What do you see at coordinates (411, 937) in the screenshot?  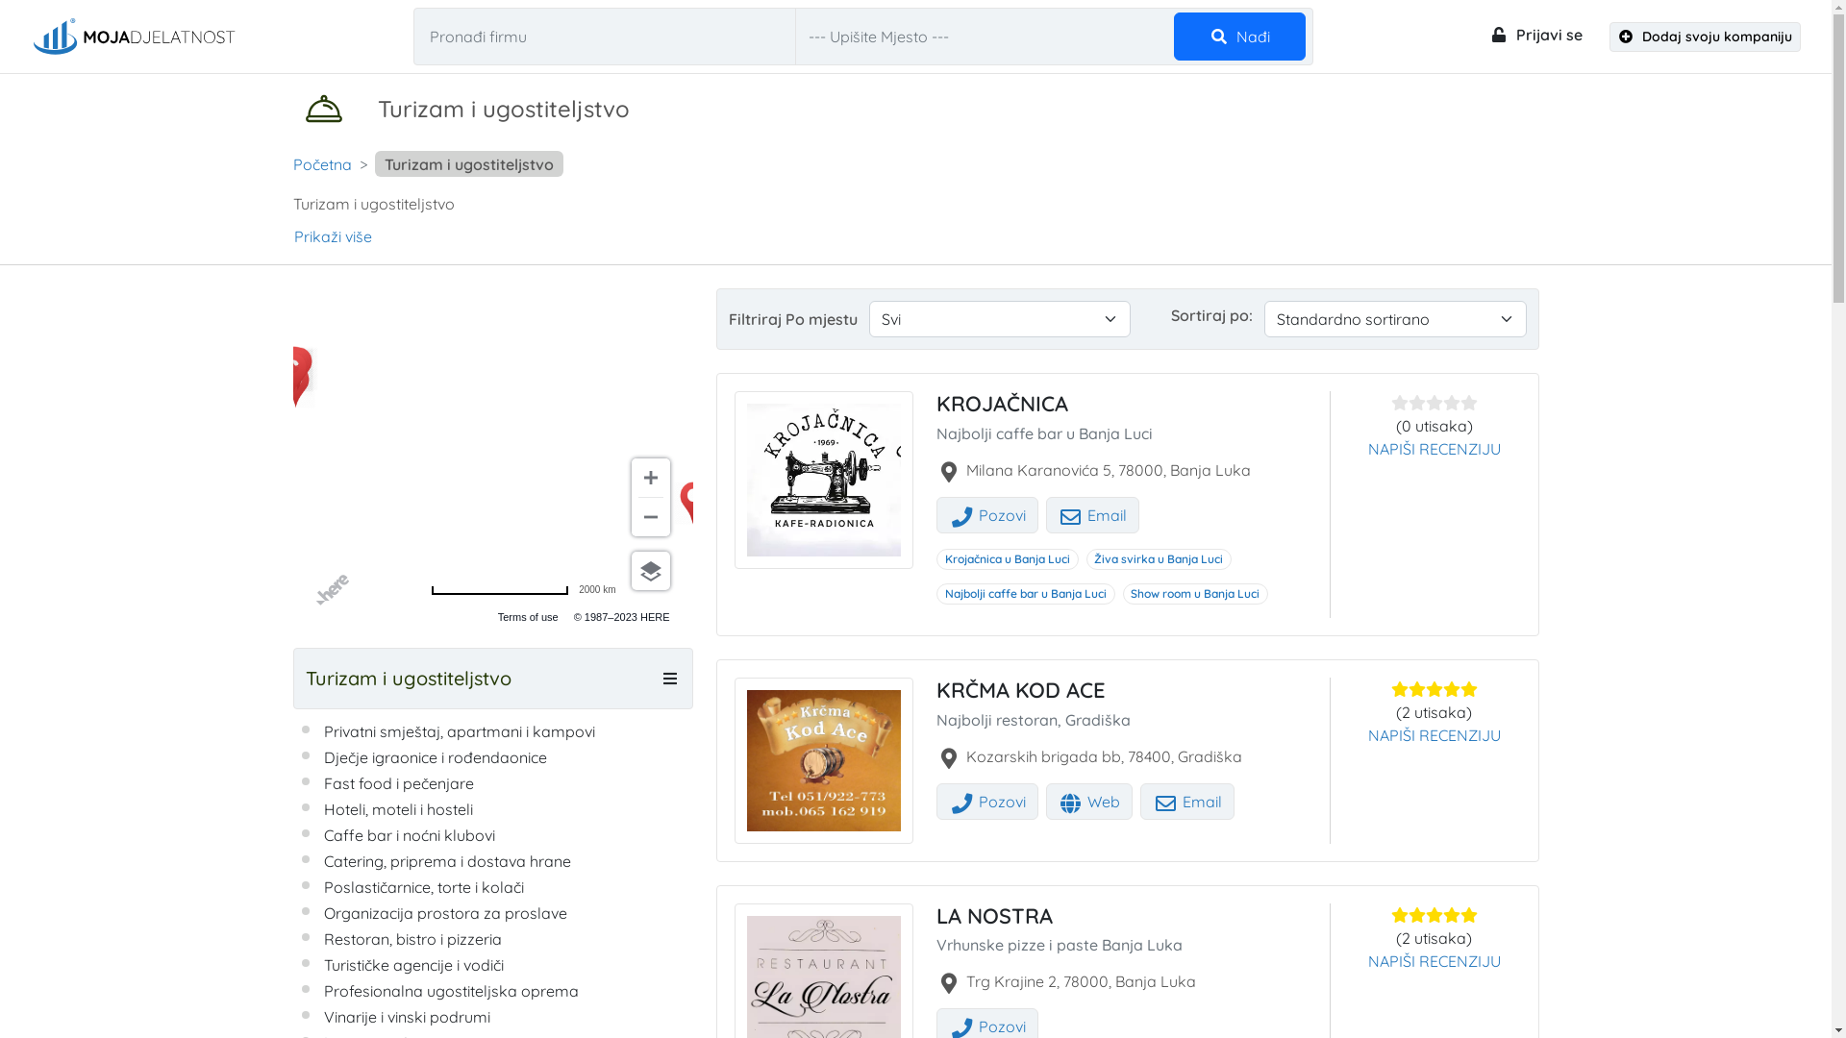 I see `'Restoran, bistro i pizzeria'` at bounding box center [411, 937].